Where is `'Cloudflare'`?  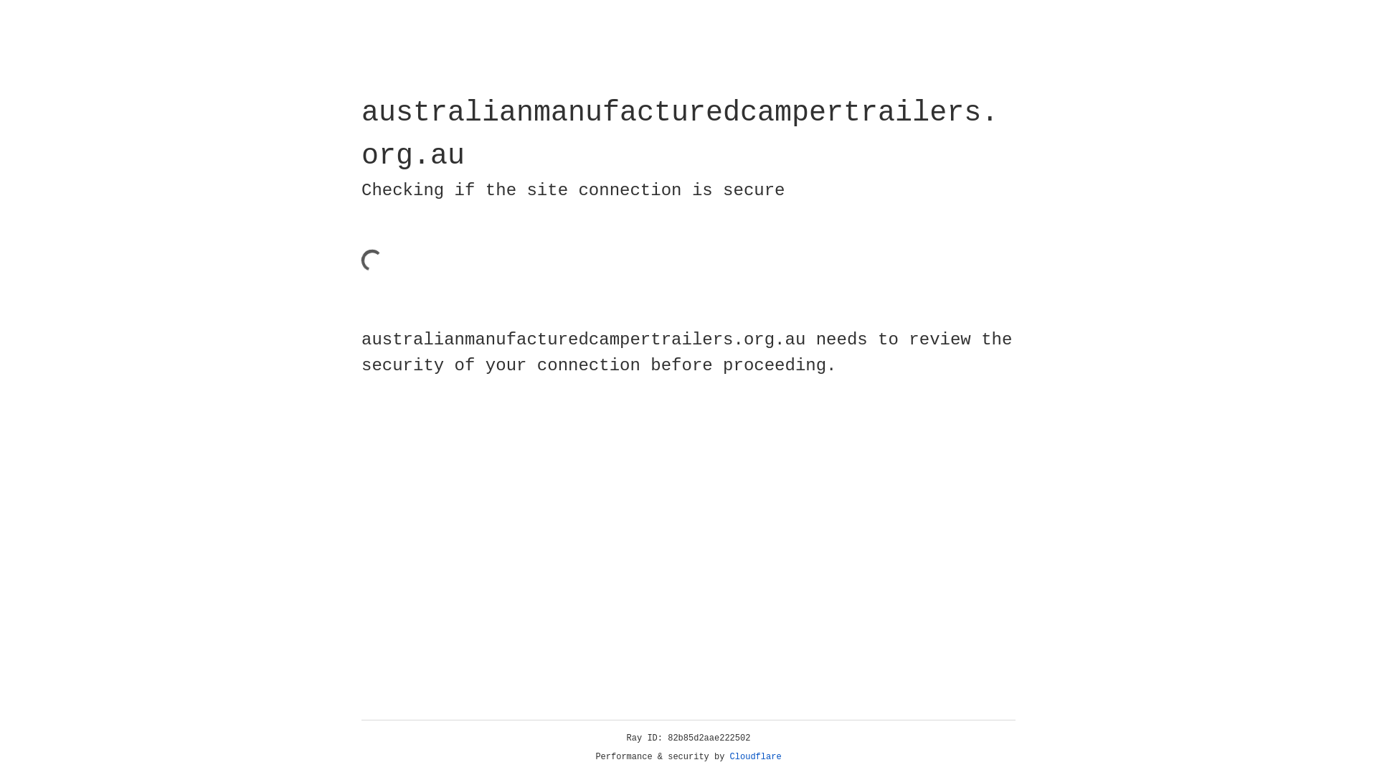 'Cloudflare' is located at coordinates (755, 756).